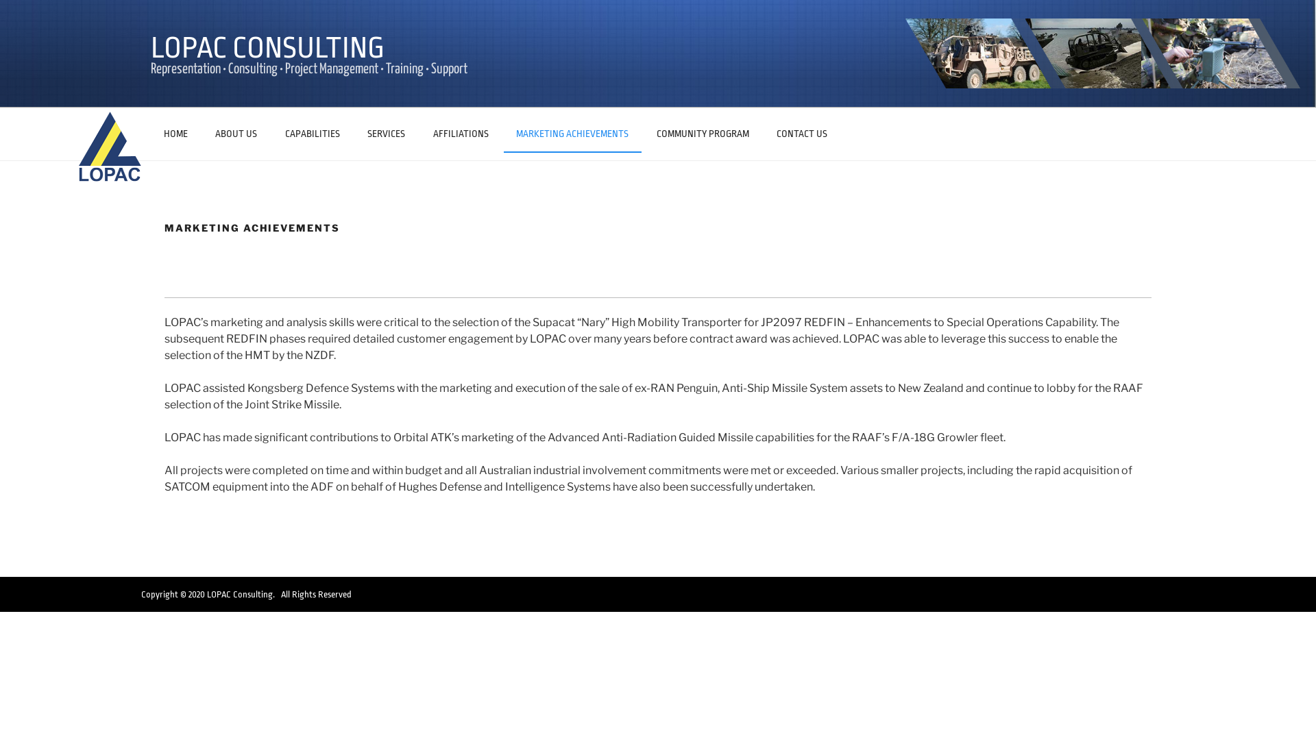 The height and width of the screenshot is (740, 1316). What do you see at coordinates (703, 133) in the screenshot?
I see `'COMMUNITY PROGRAM'` at bounding box center [703, 133].